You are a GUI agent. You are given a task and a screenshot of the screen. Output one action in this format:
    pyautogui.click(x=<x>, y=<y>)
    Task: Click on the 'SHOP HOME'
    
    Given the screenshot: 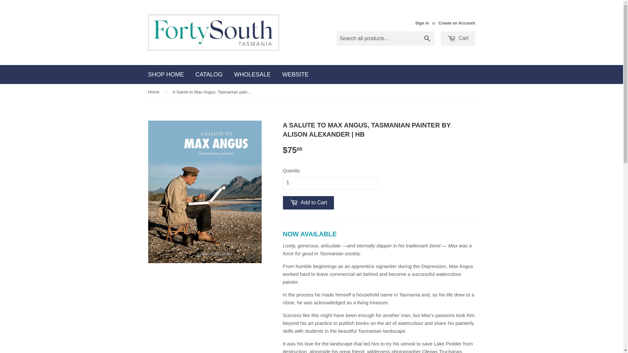 What is the action you would take?
    pyautogui.click(x=166, y=74)
    